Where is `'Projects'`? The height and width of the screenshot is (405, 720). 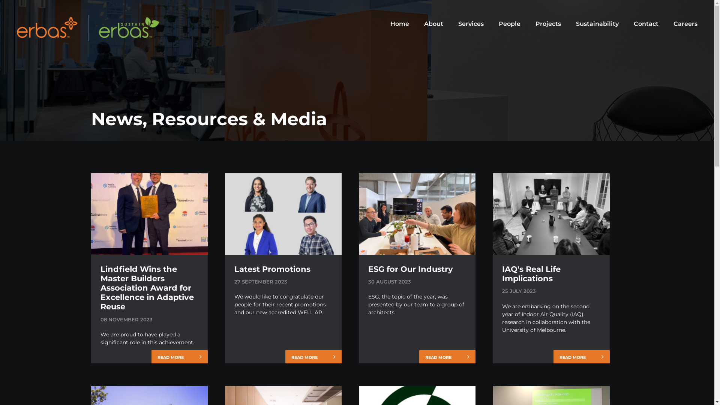 'Projects' is located at coordinates (548, 24).